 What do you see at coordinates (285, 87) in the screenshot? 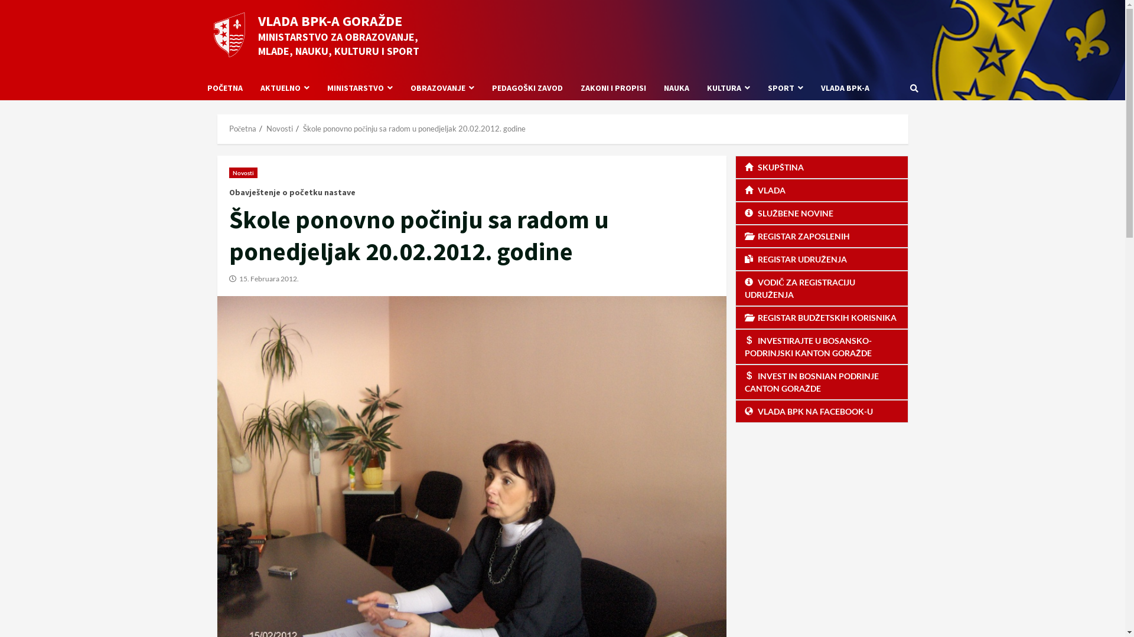
I see `'AKTUELNO'` at bounding box center [285, 87].